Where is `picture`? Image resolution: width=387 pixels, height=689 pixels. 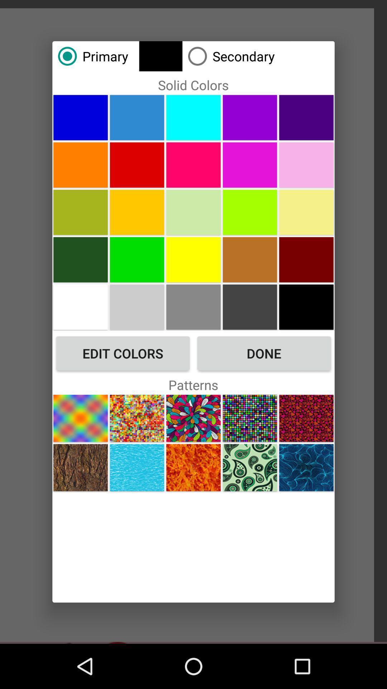
picture is located at coordinates (249, 117).